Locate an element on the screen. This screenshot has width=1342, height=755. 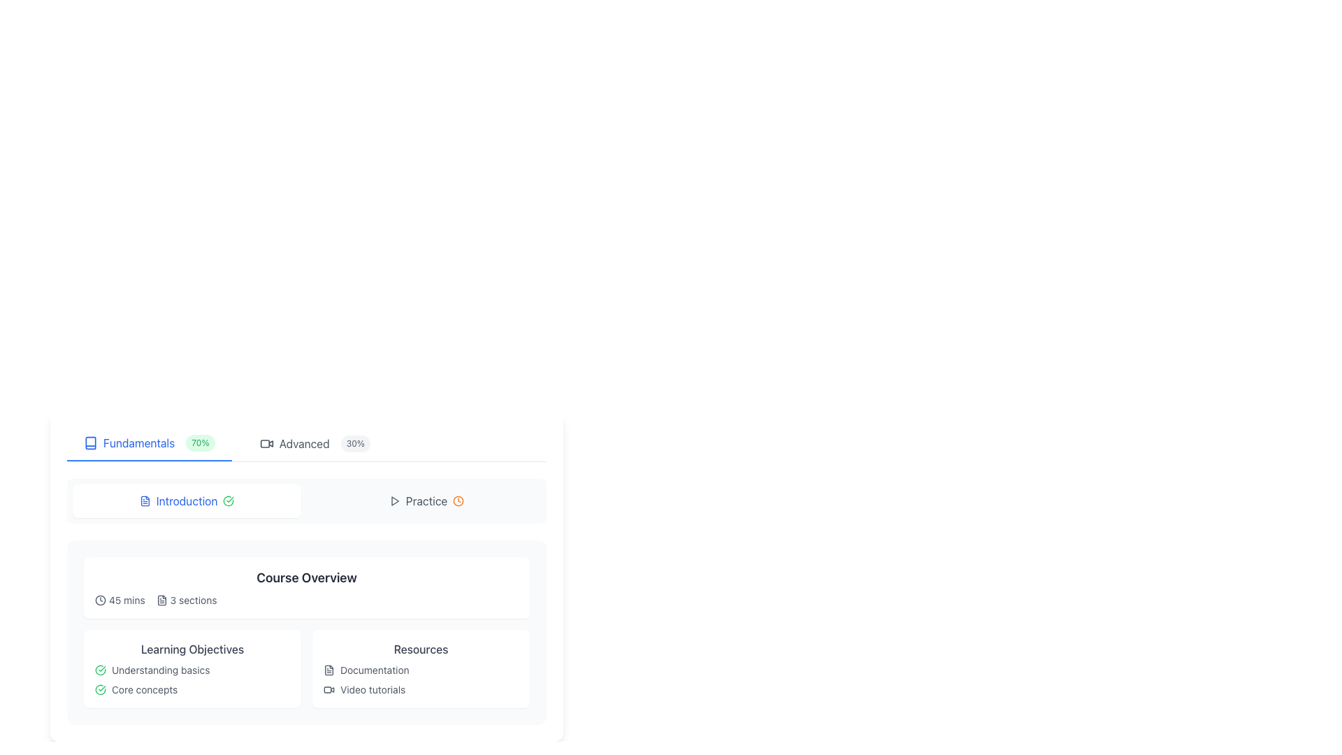
the Text Label located at the bottom-right region of the layout area, under the 'Resources' section in the 'Course Overview', which serves as a label for a resource type possibly linking to video tutorial content is located at coordinates (373, 689).